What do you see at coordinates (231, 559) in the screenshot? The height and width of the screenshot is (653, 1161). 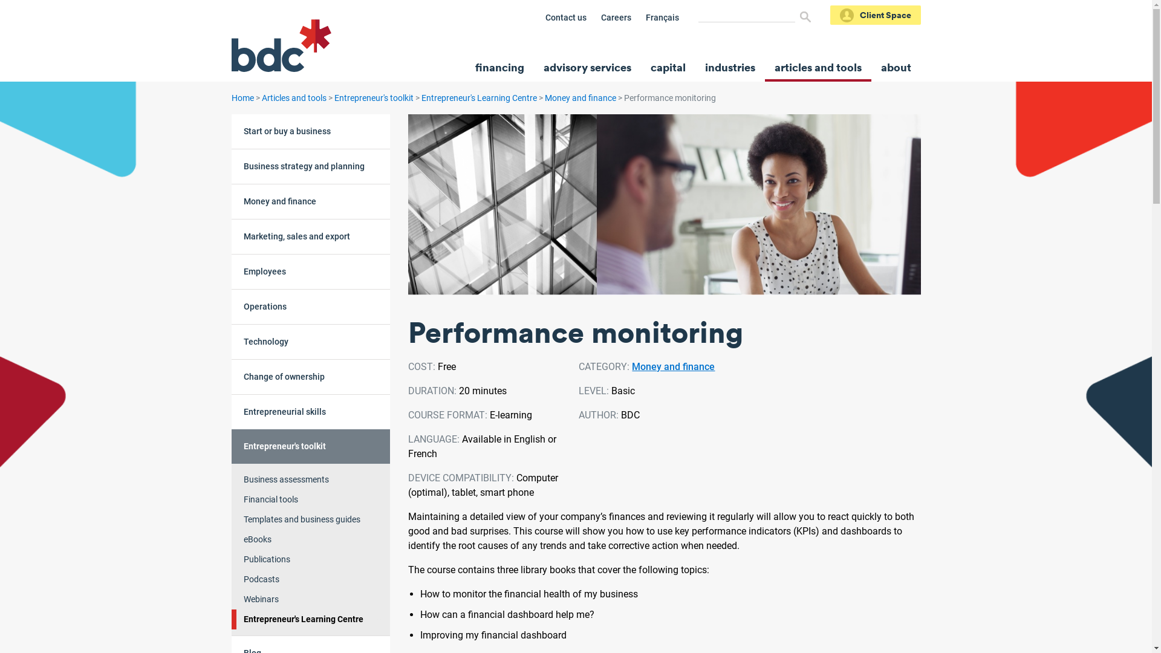 I see `'Publications'` at bounding box center [231, 559].